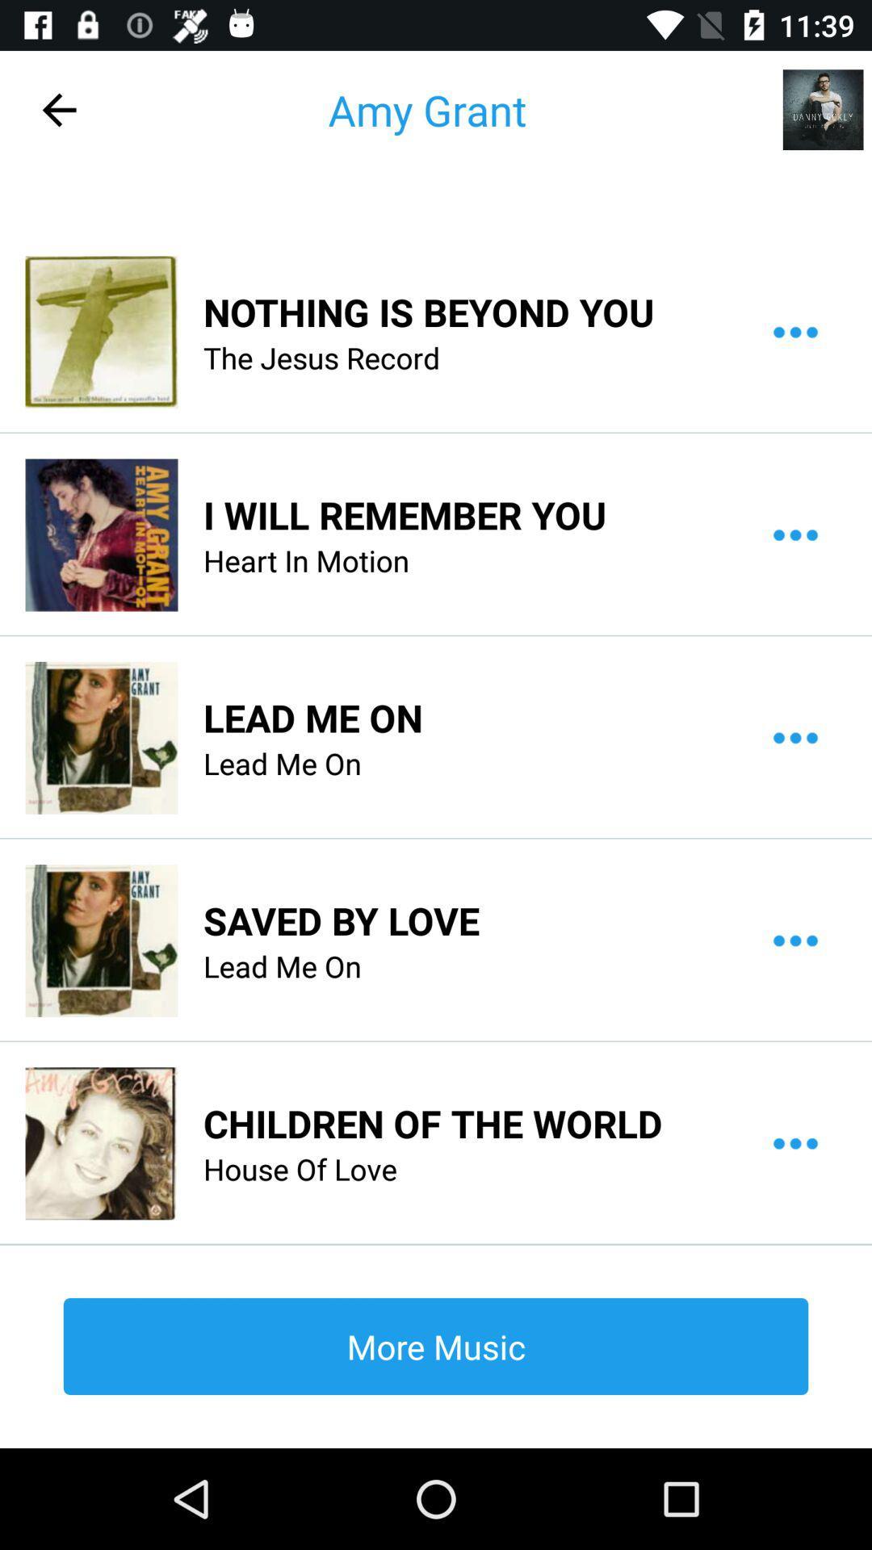 The height and width of the screenshot is (1550, 872). What do you see at coordinates (101, 331) in the screenshot?
I see `item next to nothing is beyond icon` at bounding box center [101, 331].